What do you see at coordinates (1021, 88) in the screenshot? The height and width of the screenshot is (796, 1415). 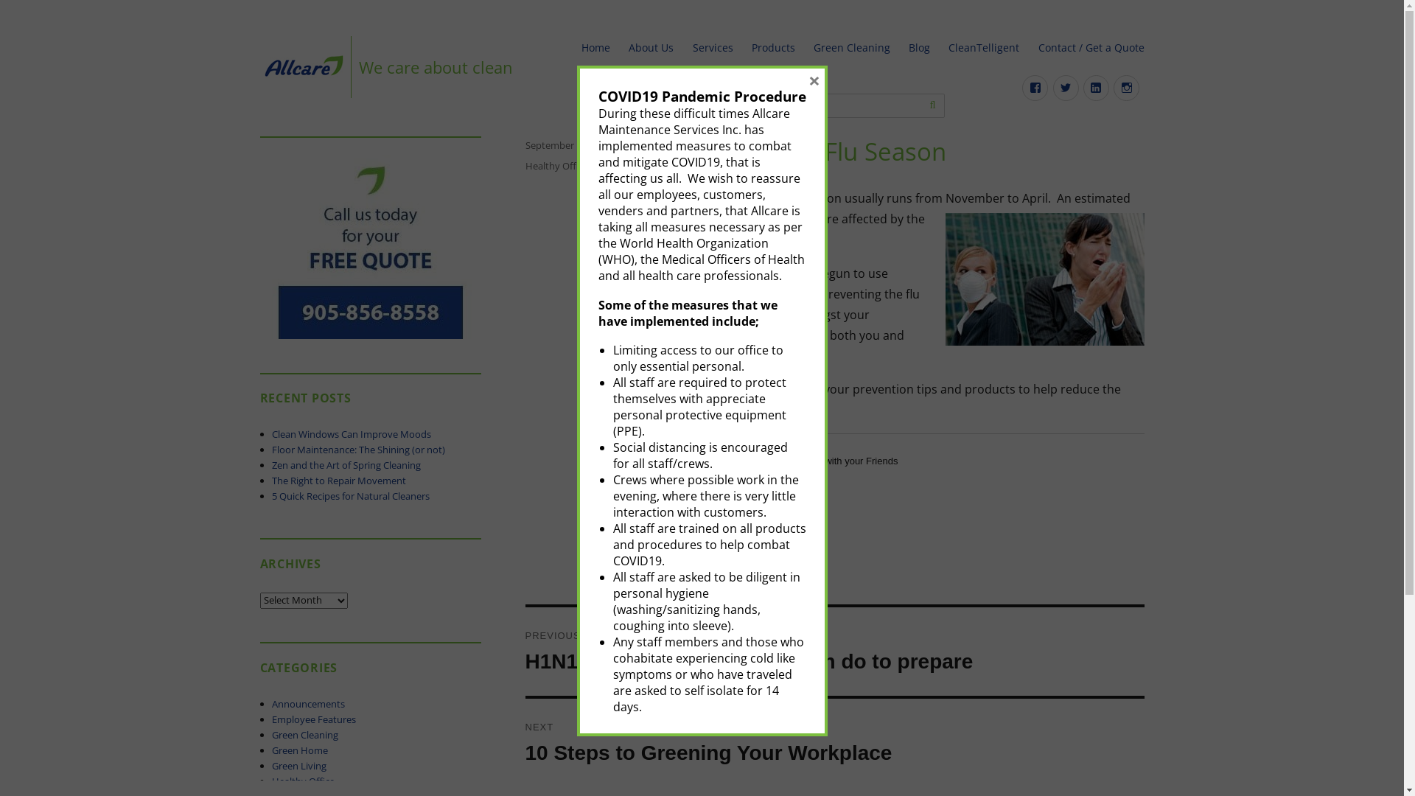 I see `'Facebook'` at bounding box center [1021, 88].